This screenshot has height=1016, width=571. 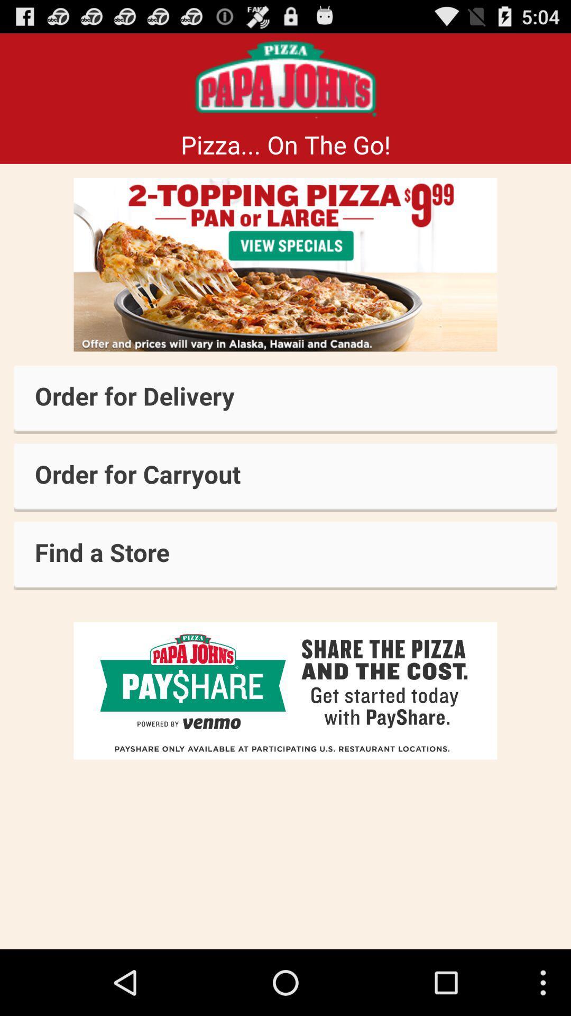 I want to click on the app below the pizza on the app, so click(x=285, y=265).